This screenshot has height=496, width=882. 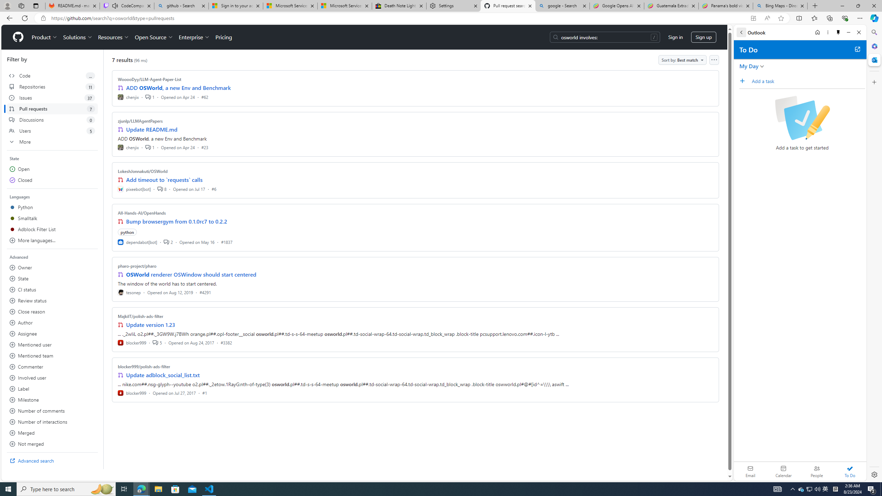 What do you see at coordinates (204, 96) in the screenshot?
I see `'#62'` at bounding box center [204, 96].